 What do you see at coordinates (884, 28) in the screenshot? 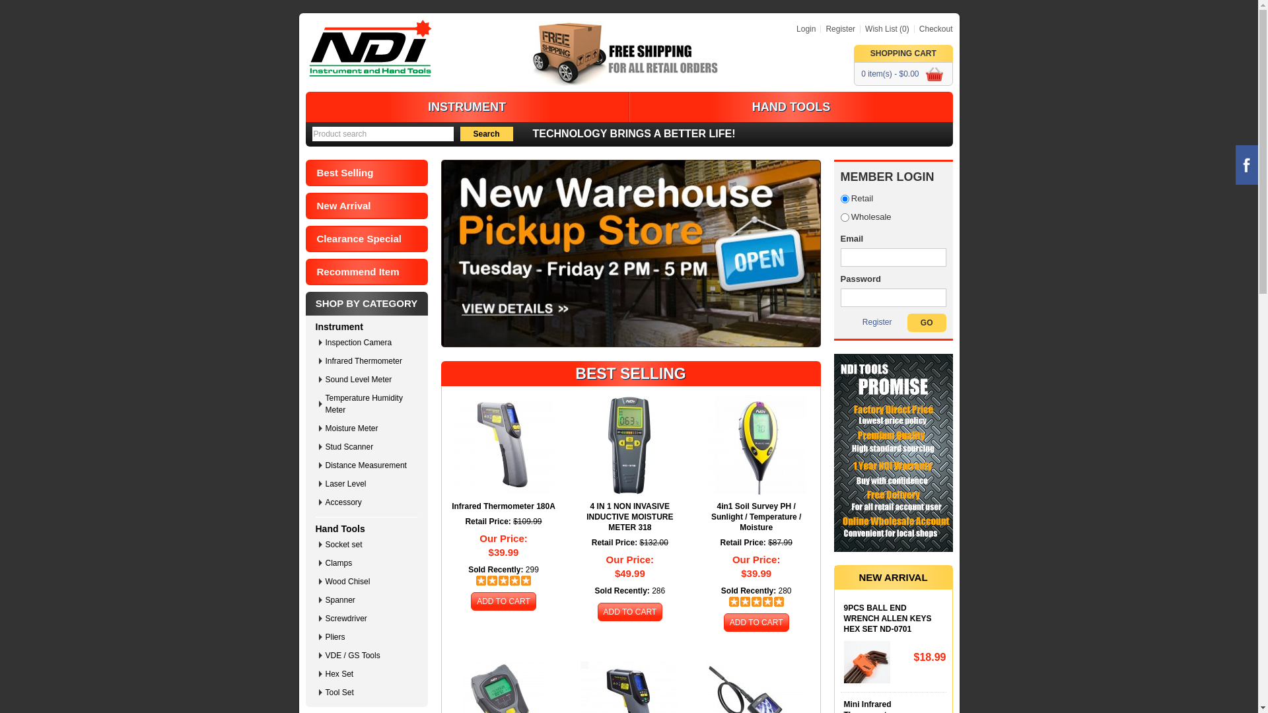
I see `'Wish List (0)'` at bounding box center [884, 28].